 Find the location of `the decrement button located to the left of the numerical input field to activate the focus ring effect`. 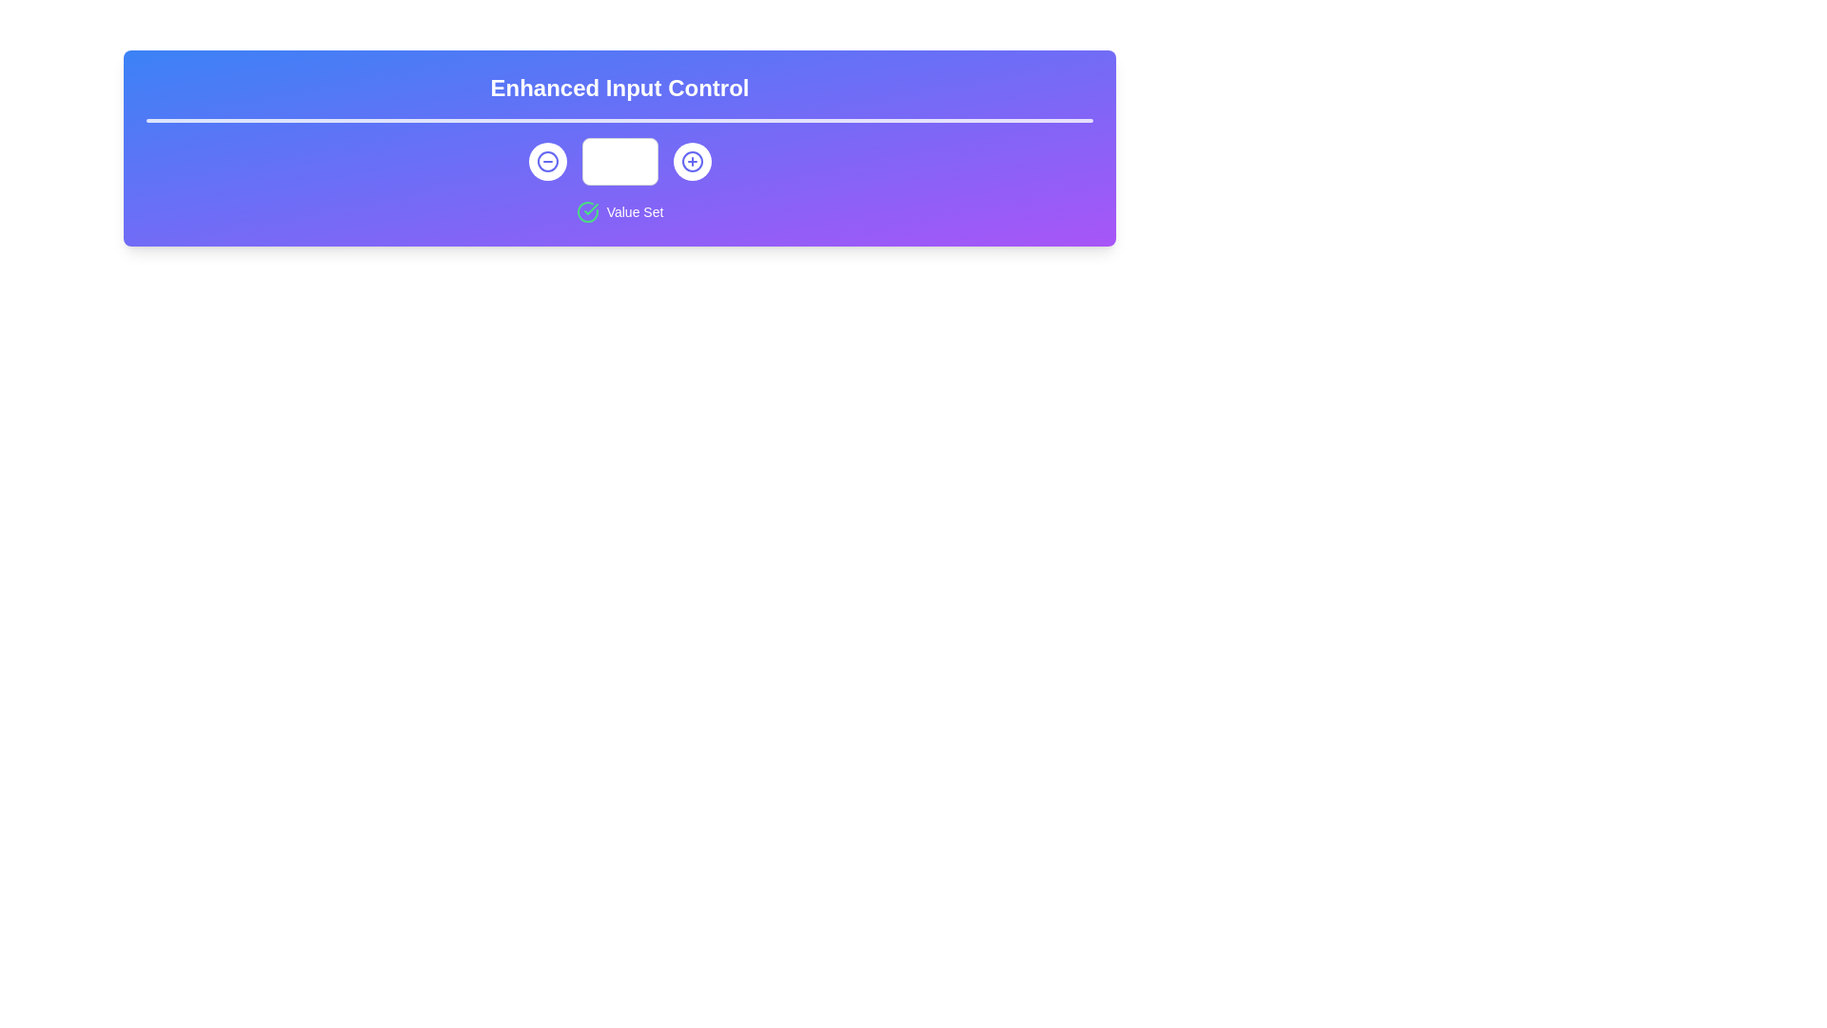

the decrement button located to the left of the numerical input field to activate the focus ring effect is located at coordinates (546, 160).